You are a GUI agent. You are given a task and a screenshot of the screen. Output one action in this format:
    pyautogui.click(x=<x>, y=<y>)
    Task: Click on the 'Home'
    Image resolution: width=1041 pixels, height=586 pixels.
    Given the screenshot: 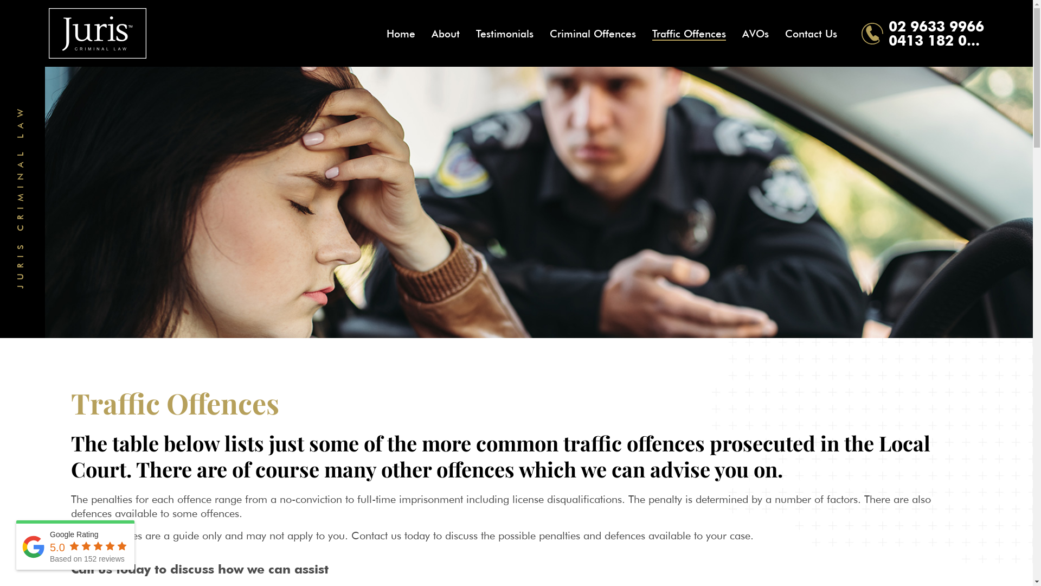 What is the action you would take?
    pyautogui.click(x=400, y=33)
    